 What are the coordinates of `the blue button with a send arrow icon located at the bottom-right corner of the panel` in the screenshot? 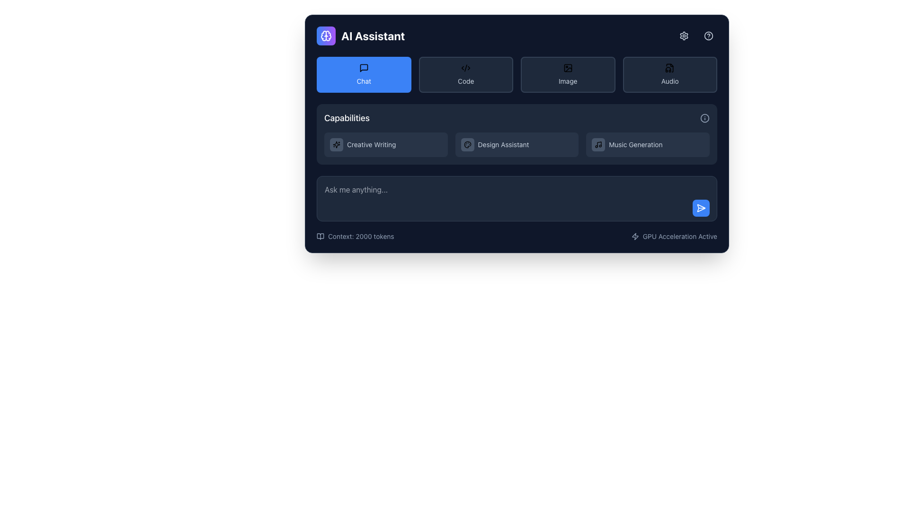 It's located at (701, 207).